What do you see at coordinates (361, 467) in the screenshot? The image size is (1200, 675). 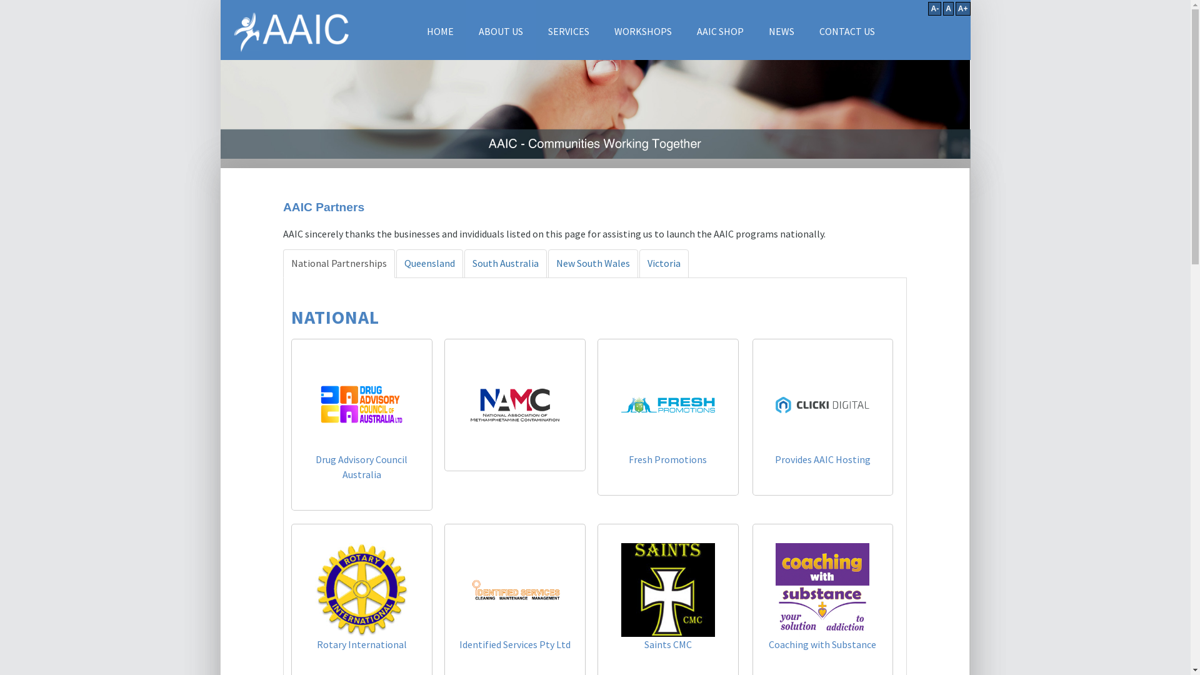 I see `'Drug Advisory Council Australia'` at bounding box center [361, 467].